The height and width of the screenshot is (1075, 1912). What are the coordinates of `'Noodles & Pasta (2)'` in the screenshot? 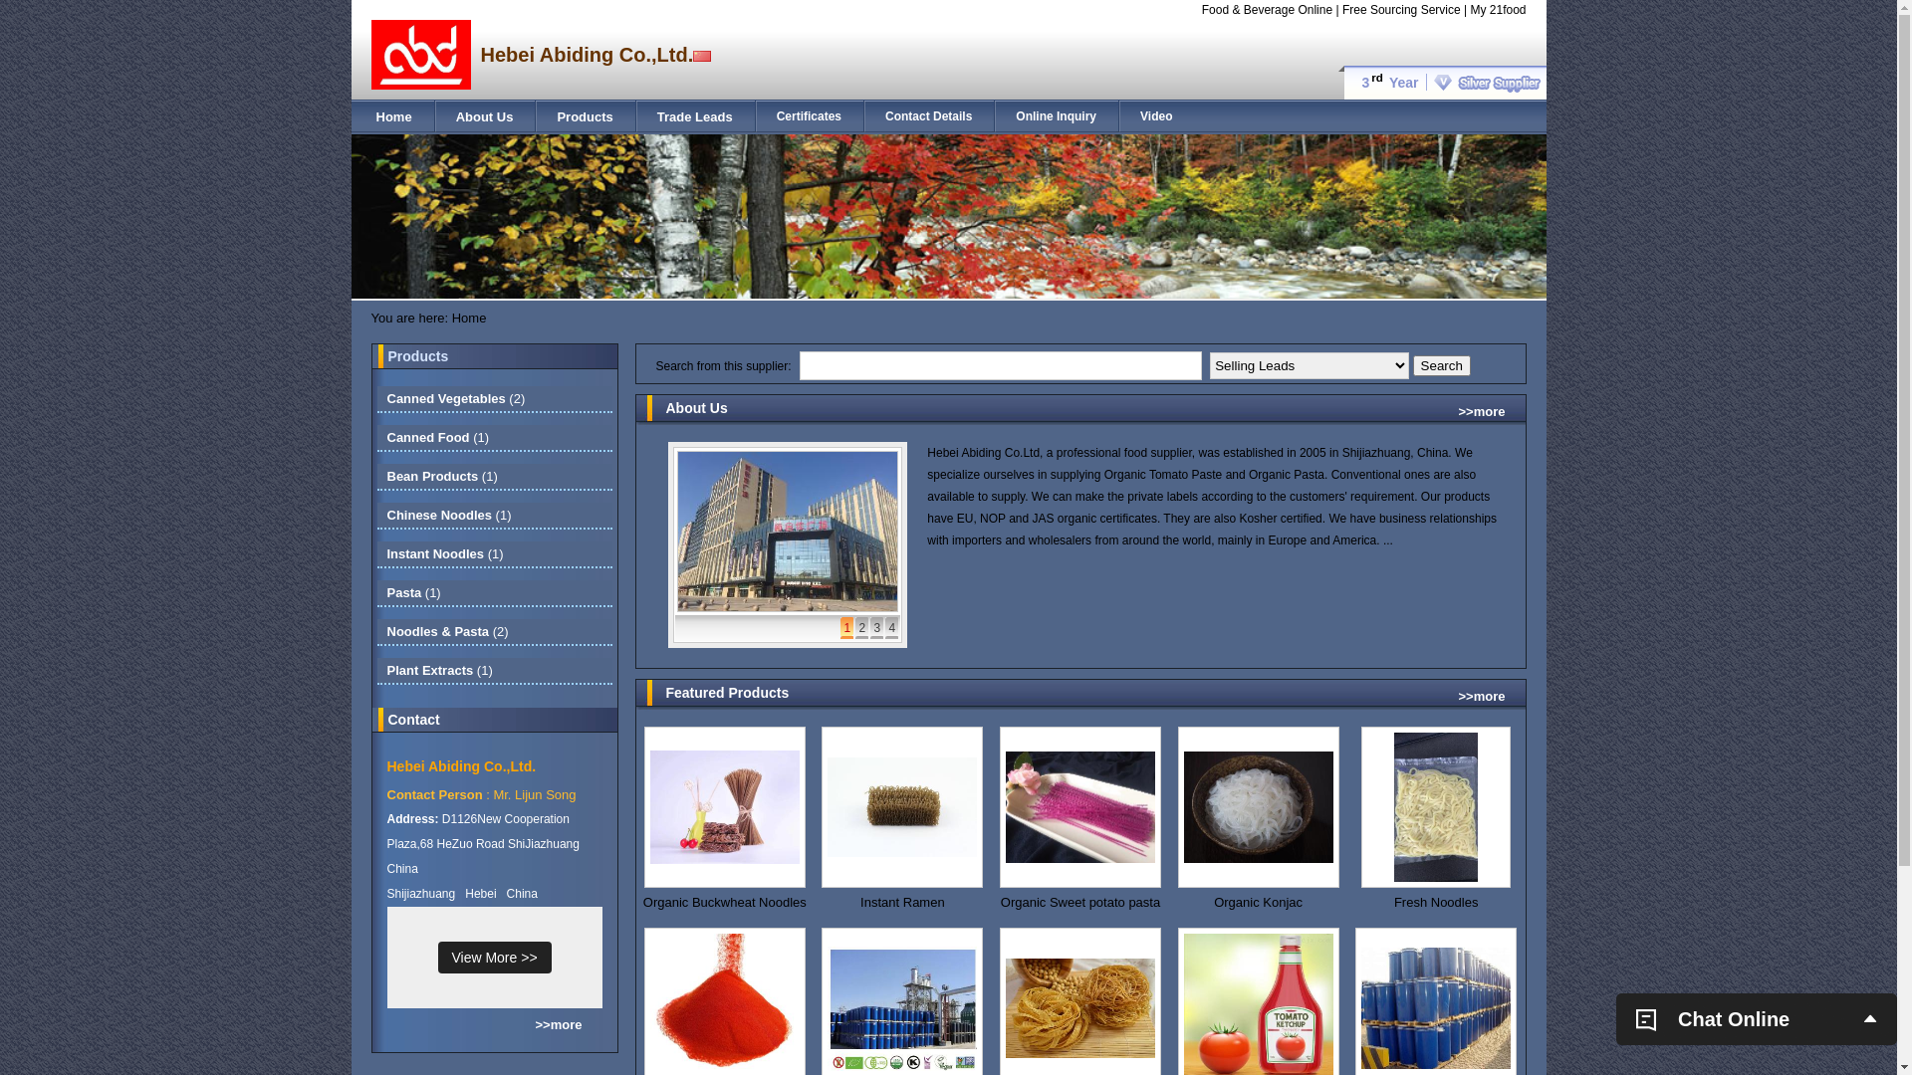 It's located at (446, 631).